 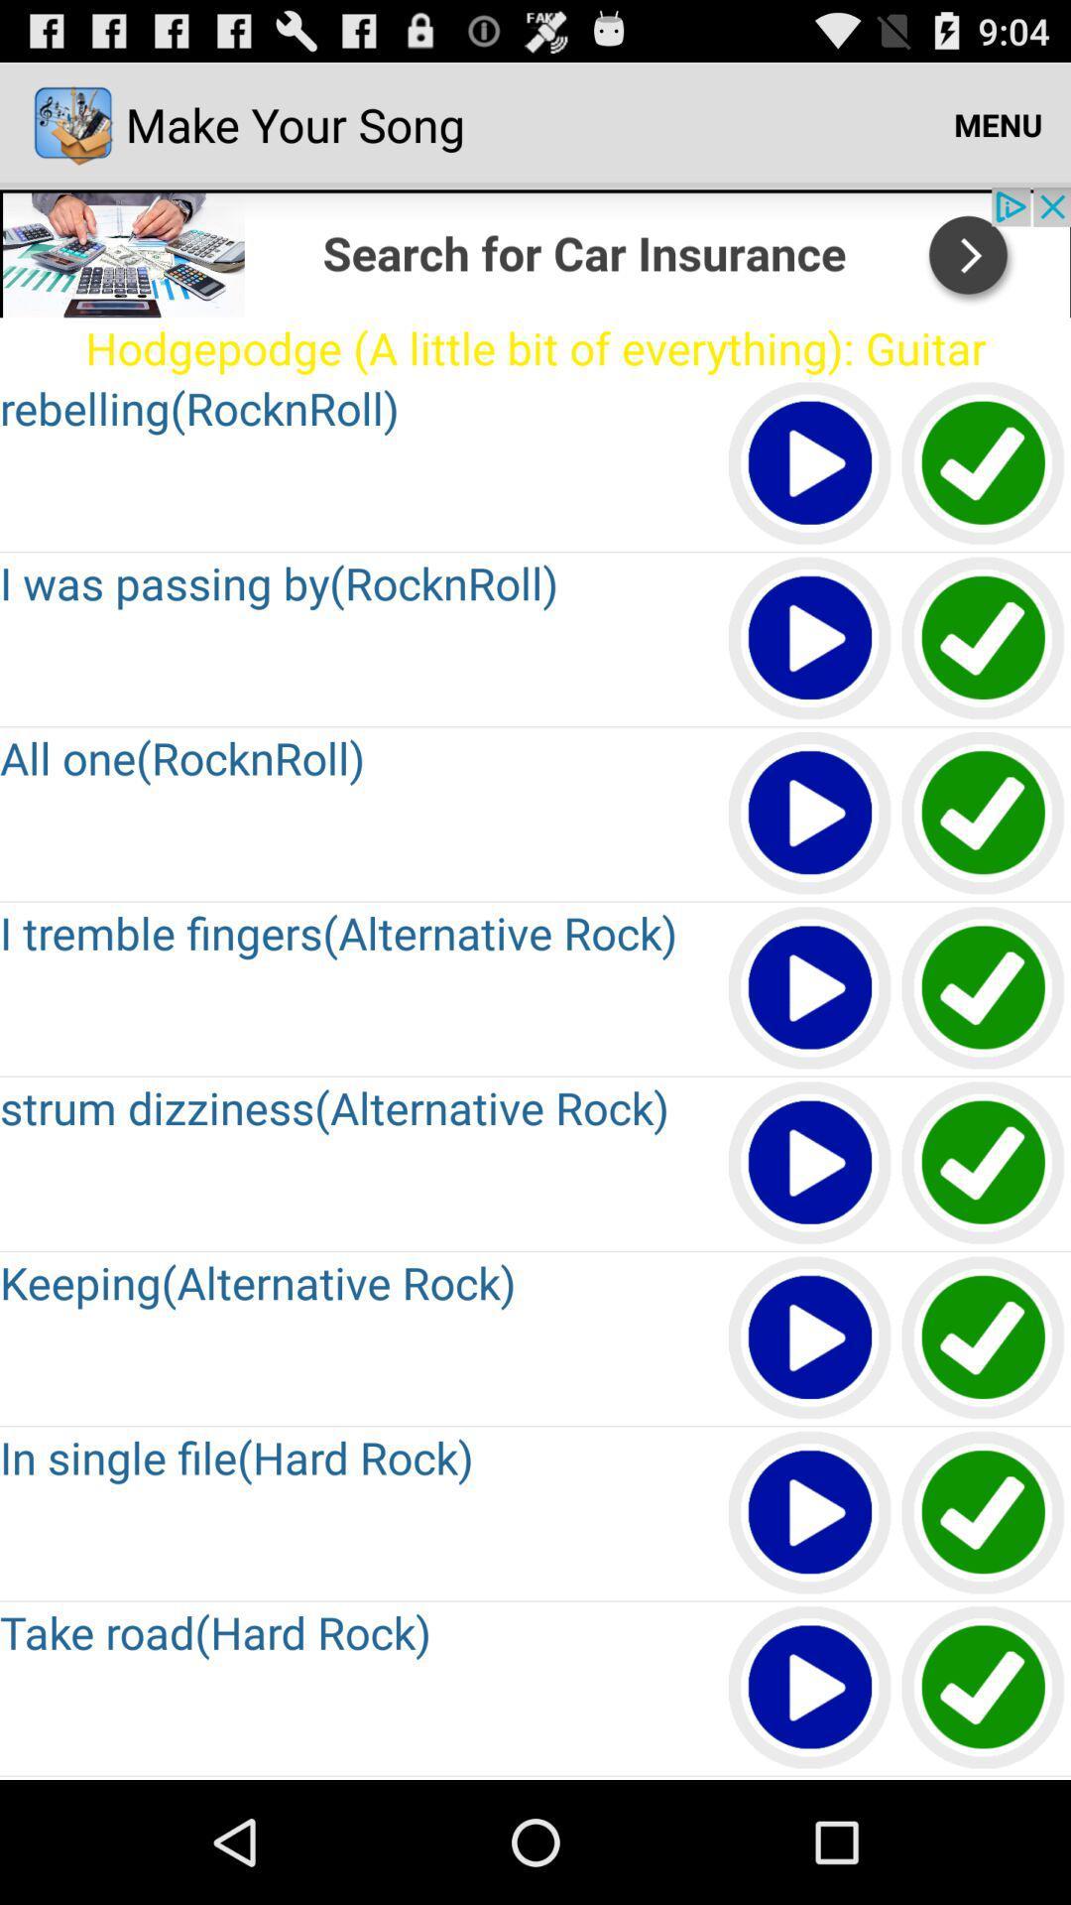 I want to click on play, so click(x=810, y=989).